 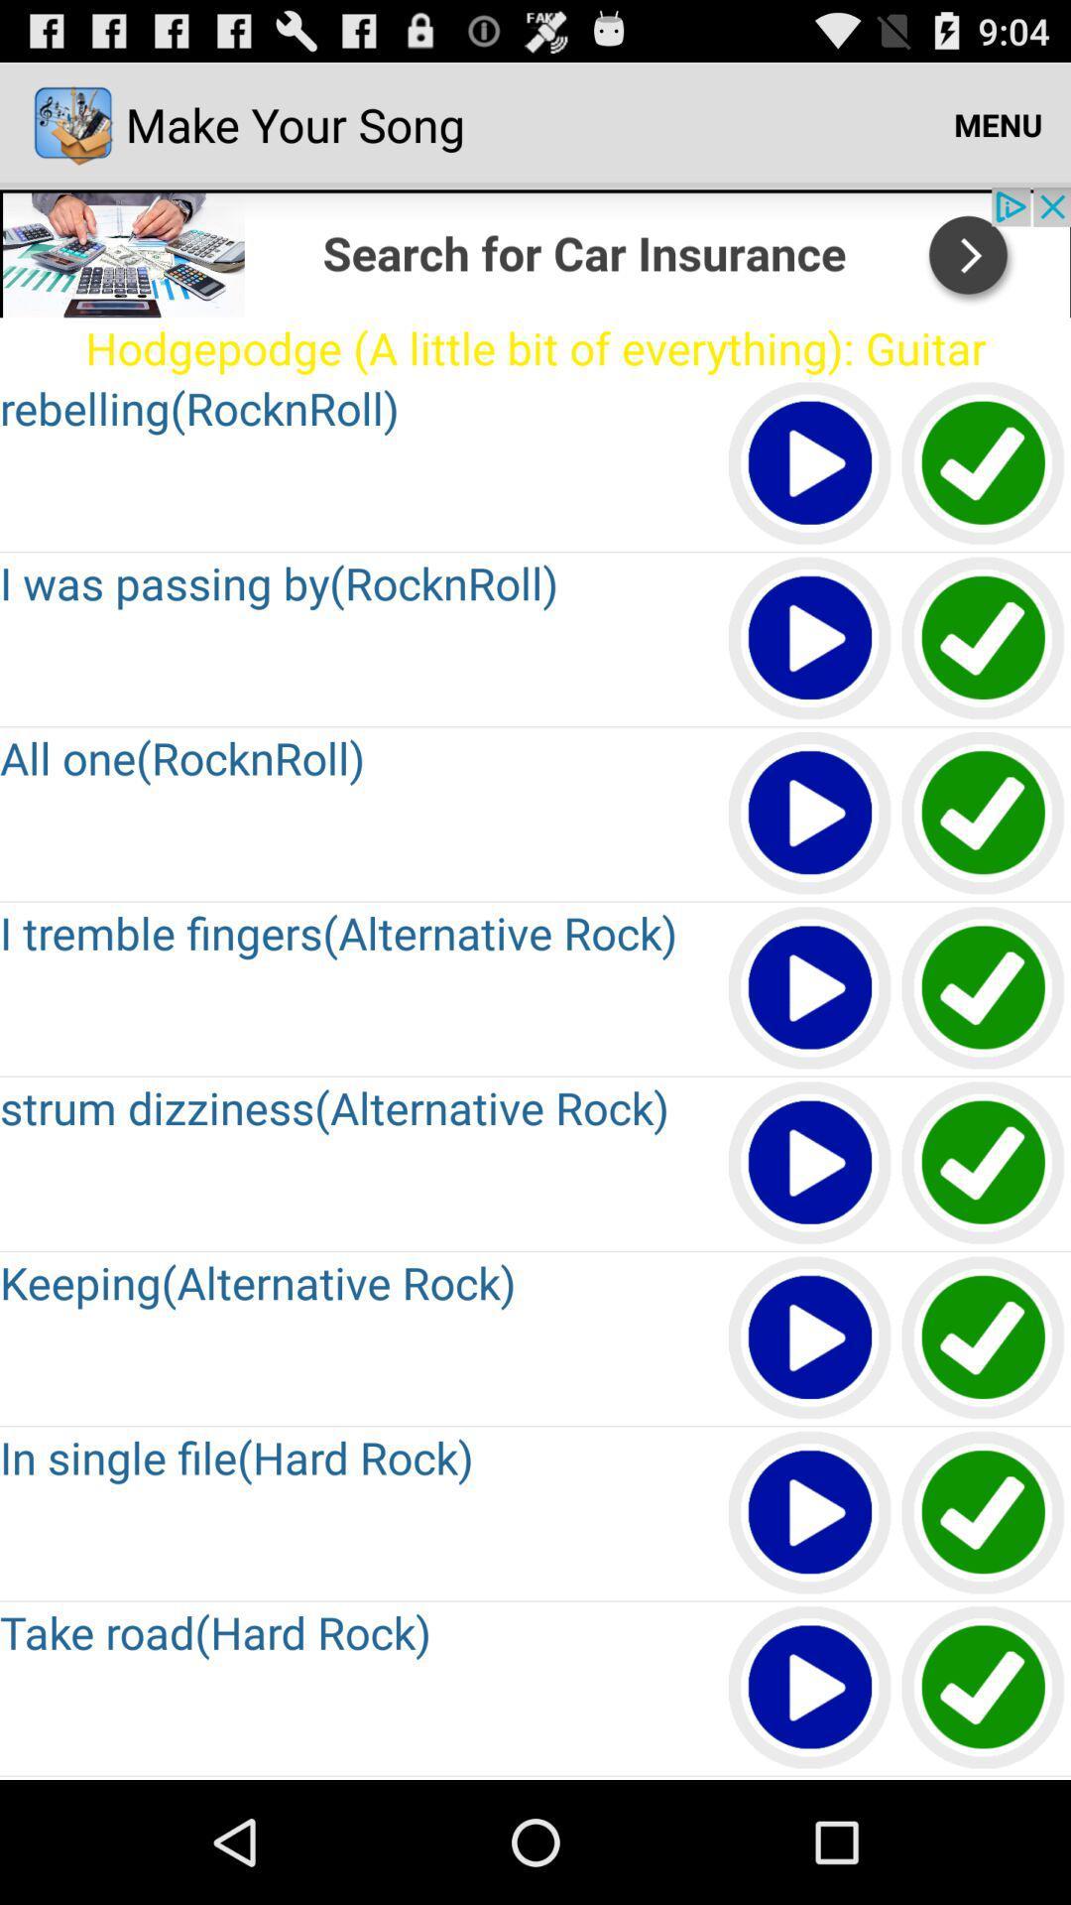 I want to click on play, so click(x=810, y=989).